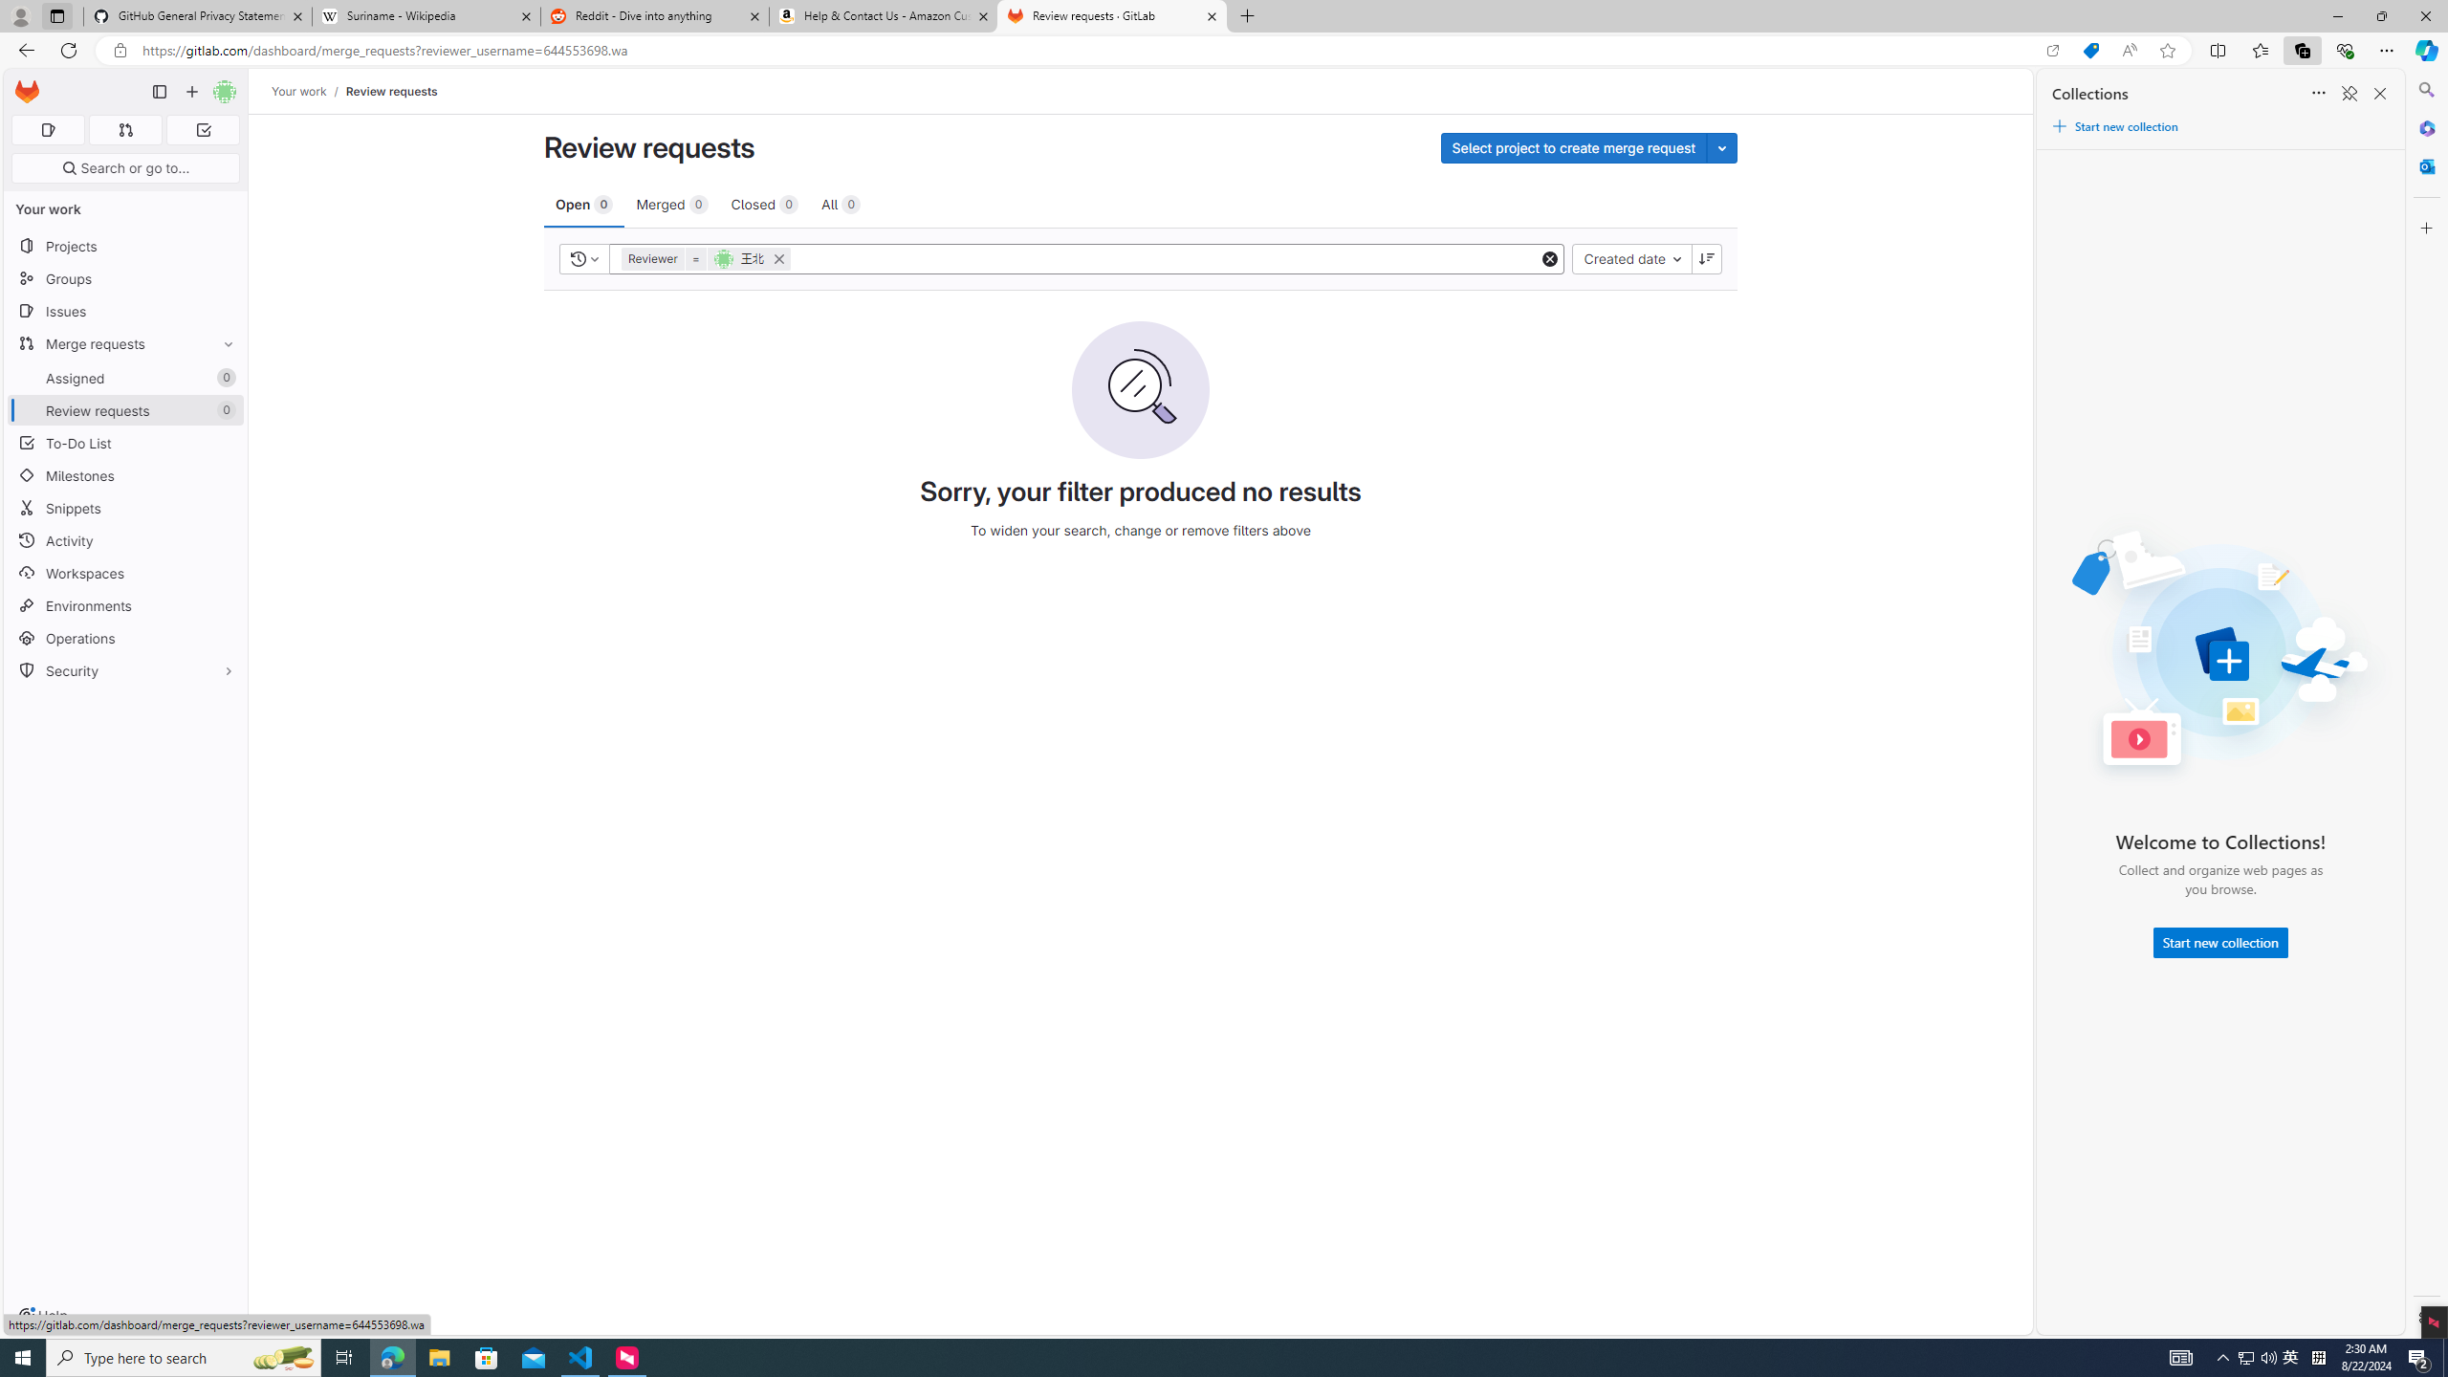  I want to click on 'Sort direction', so click(1707, 257).